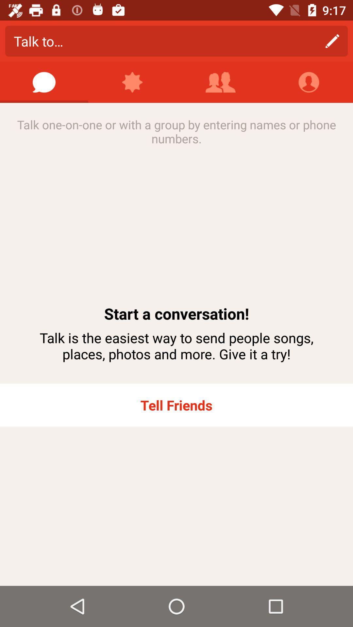  Describe the element at coordinates (176, 405) in the screenshot. I see `the tell friends icon` at that location.